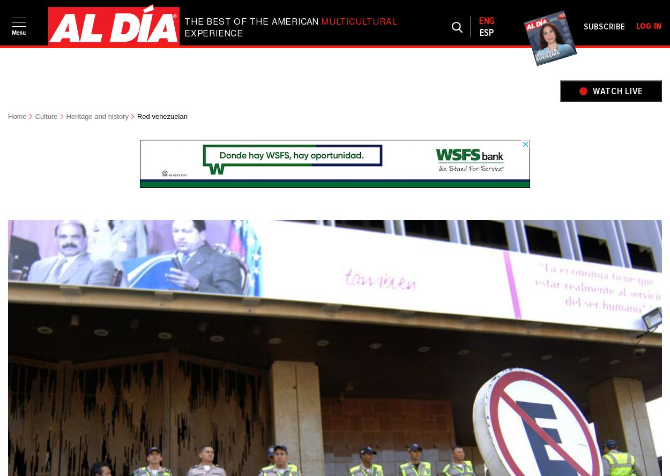 This screenshot has height=476, width=670. Describe the element at coordinates (486, 32) in the screenshot. I see `'Esp'` at that location.